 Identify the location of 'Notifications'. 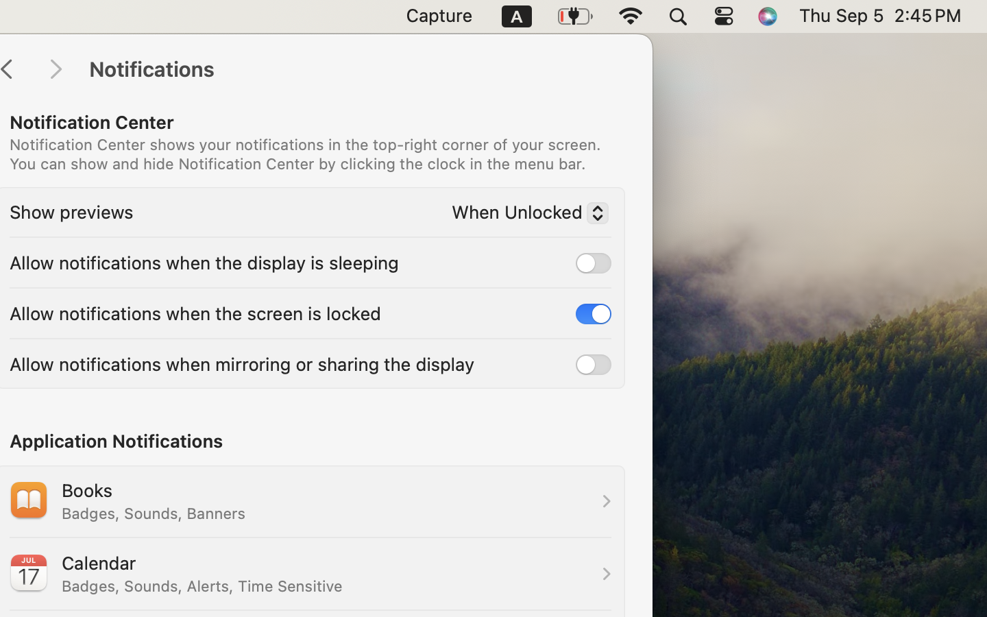
(355, 69).